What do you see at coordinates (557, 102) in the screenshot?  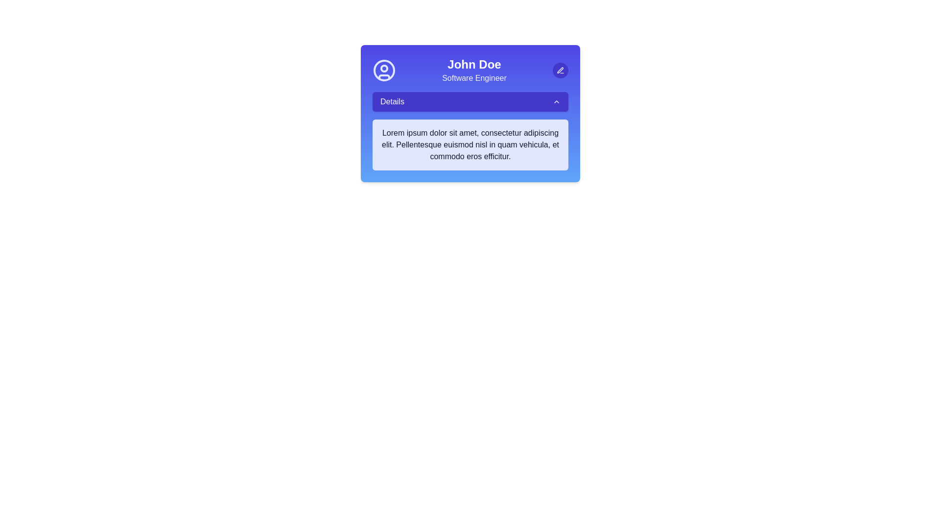 I see `the upward-pointing chevron icon located inside the 'Details' button` at bounding box center [557, 102].